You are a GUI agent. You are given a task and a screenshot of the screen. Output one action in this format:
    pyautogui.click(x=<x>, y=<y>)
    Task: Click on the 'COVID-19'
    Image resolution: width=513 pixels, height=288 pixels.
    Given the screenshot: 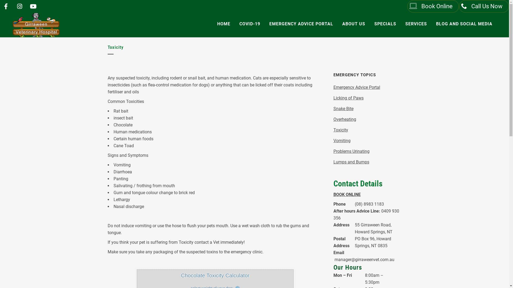 What is the action you would take?
    pyautogui.click(x=250, y=23)
    